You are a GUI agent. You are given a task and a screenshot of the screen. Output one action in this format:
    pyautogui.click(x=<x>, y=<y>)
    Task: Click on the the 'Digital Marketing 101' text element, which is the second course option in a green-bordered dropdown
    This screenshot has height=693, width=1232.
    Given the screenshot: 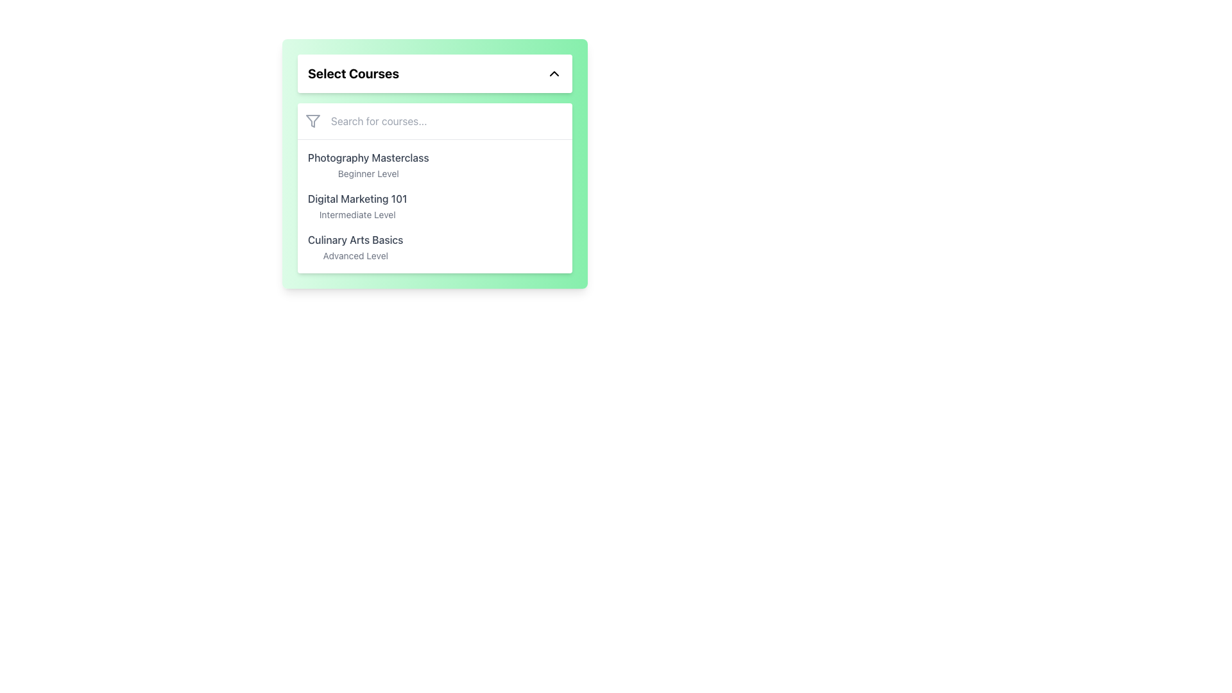 What is the action you would take?
    pyautogui.click(x=357, y=205)
    